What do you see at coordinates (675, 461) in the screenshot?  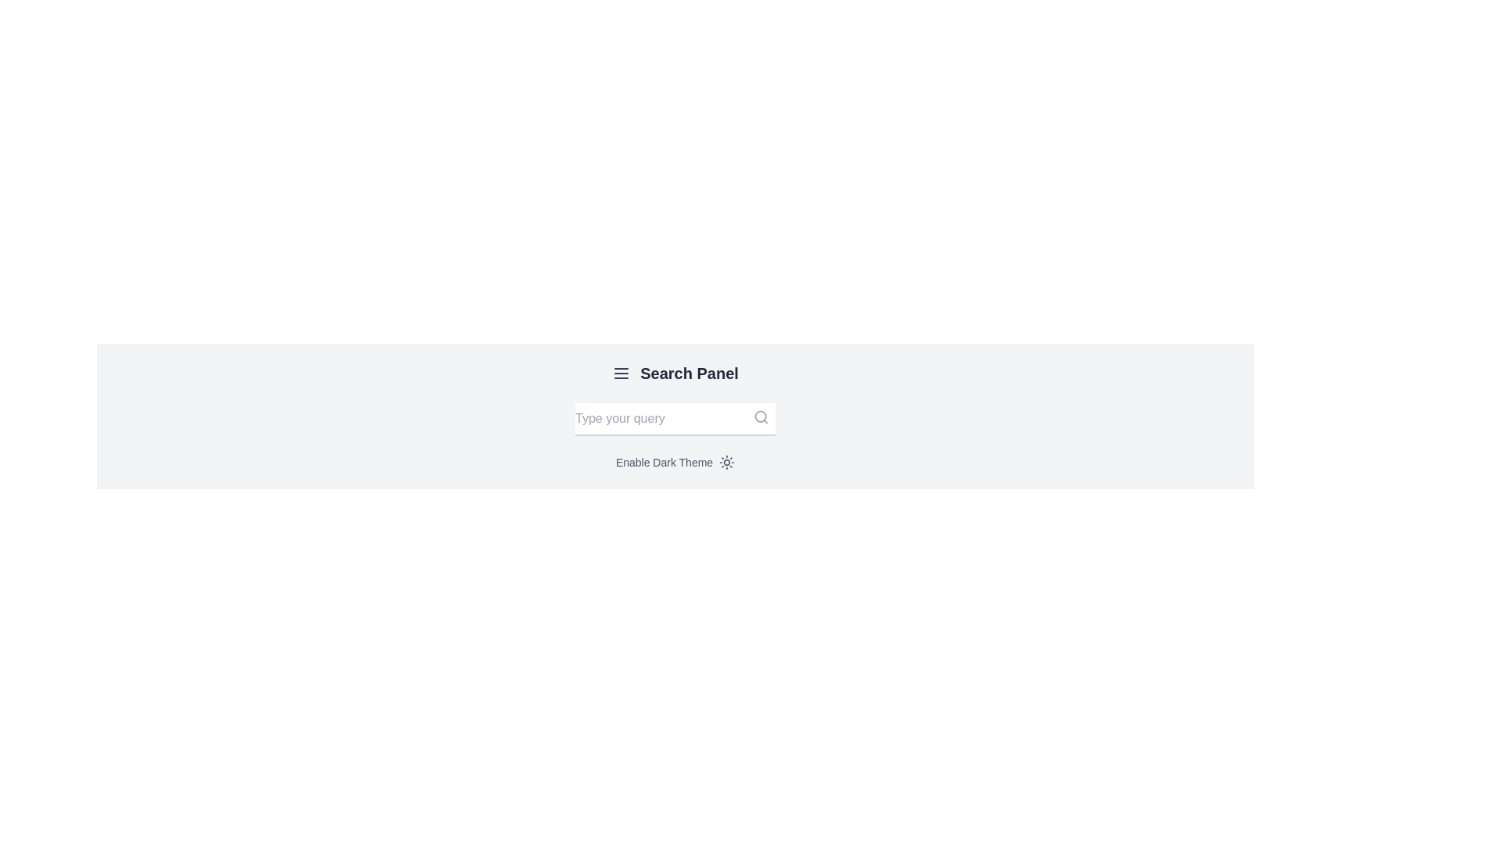 I see `the sun icon on the 'Enable Dark Theme' toggle switch group` at bounding box center [675, 461].